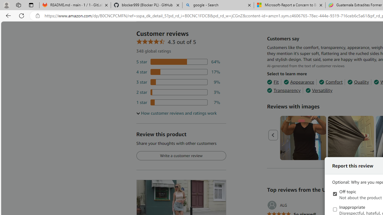 The width and height of the screenshot is (383, 215). What do you see at coordinates (277, 205) in the screenshot?
I see `'ALG'` at bounding box center [277, 205].